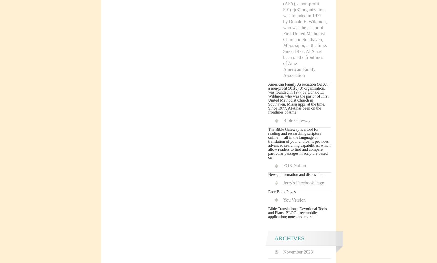 This screenshot has height=263, width=437. I want to click on 'You Version', so click(283, 200).